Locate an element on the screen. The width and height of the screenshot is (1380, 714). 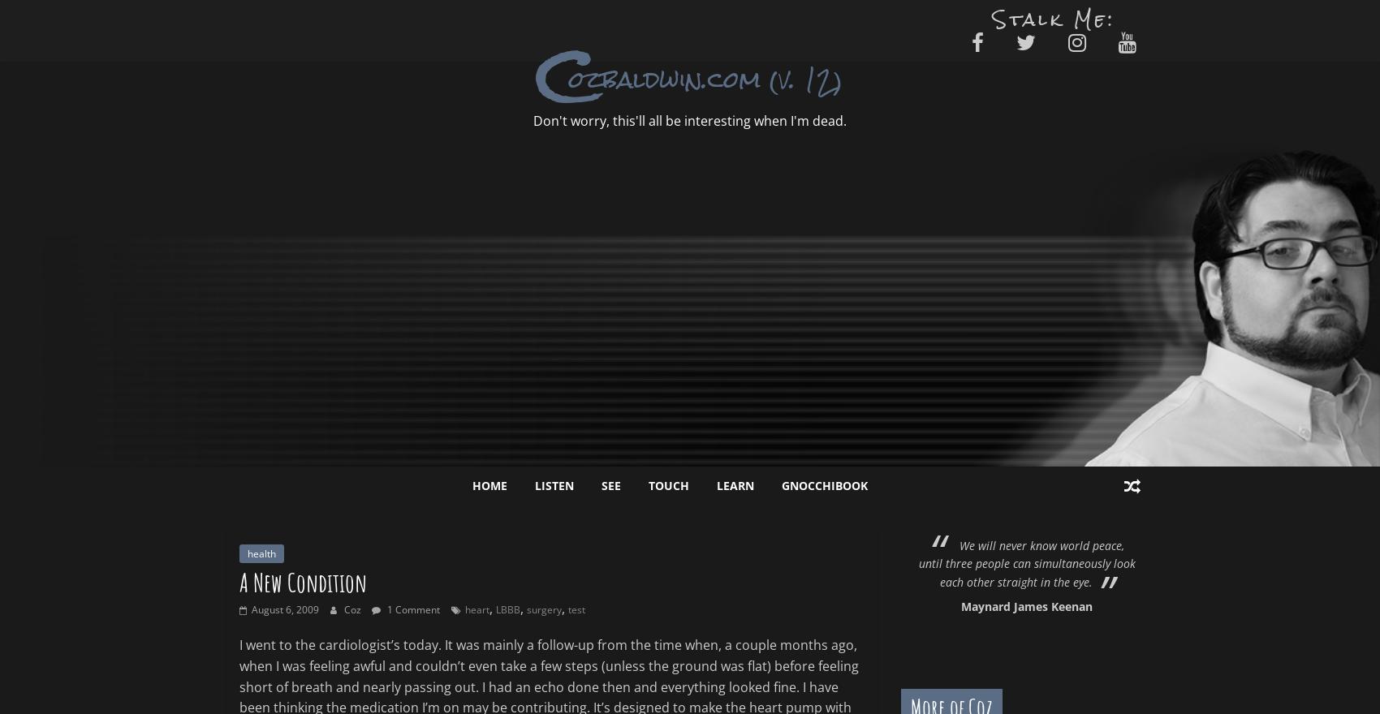
'Let's be honest, if one person believed in God he would be considered pretty strange.' is located at coordinates (1143, 561).